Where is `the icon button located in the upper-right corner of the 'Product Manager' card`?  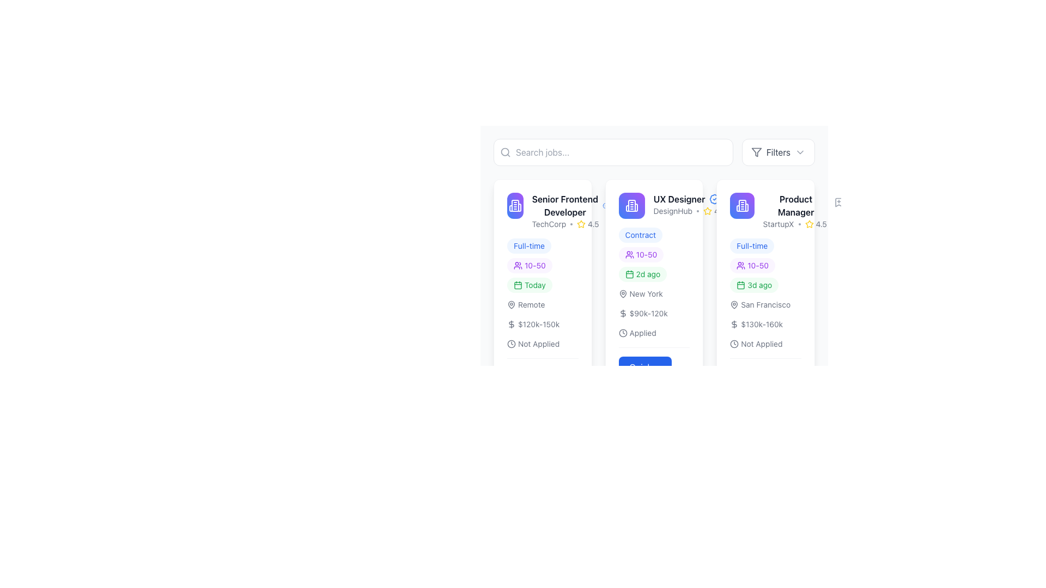
the icon button located in the upper-right corner of the 'Product Manager' card is located at coordinates (838, 202).